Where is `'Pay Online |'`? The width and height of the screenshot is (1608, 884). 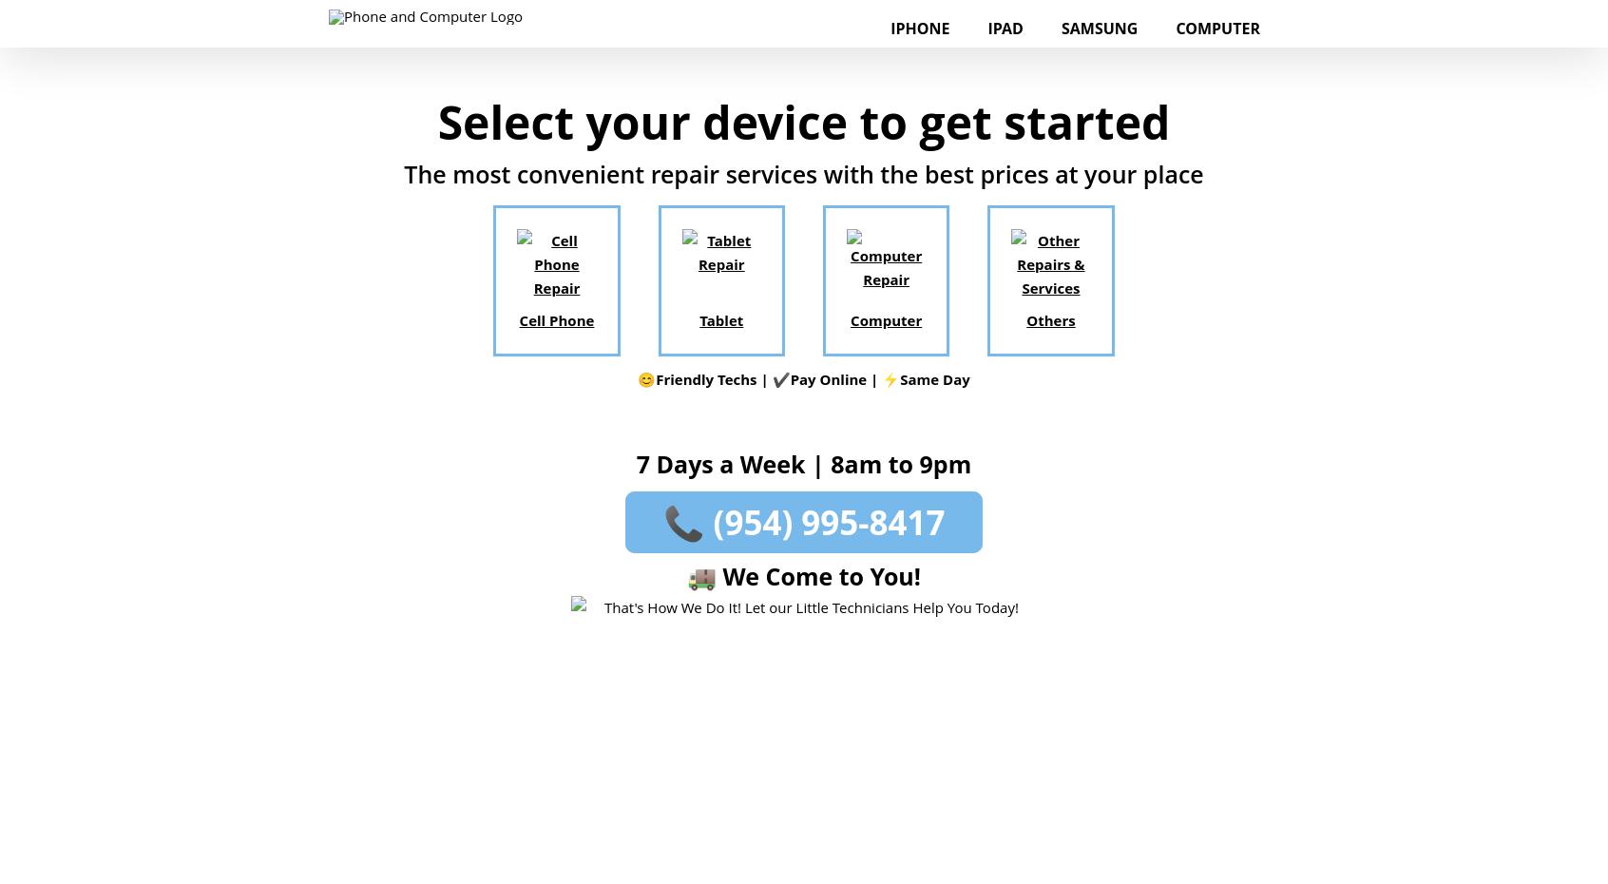
'Pay Online |' is located at coordinates (834, 378).